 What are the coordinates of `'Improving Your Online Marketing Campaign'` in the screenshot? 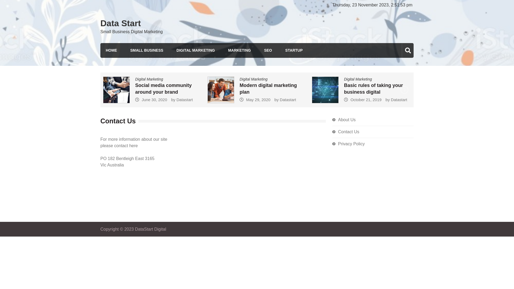 It's located at (138, 88).